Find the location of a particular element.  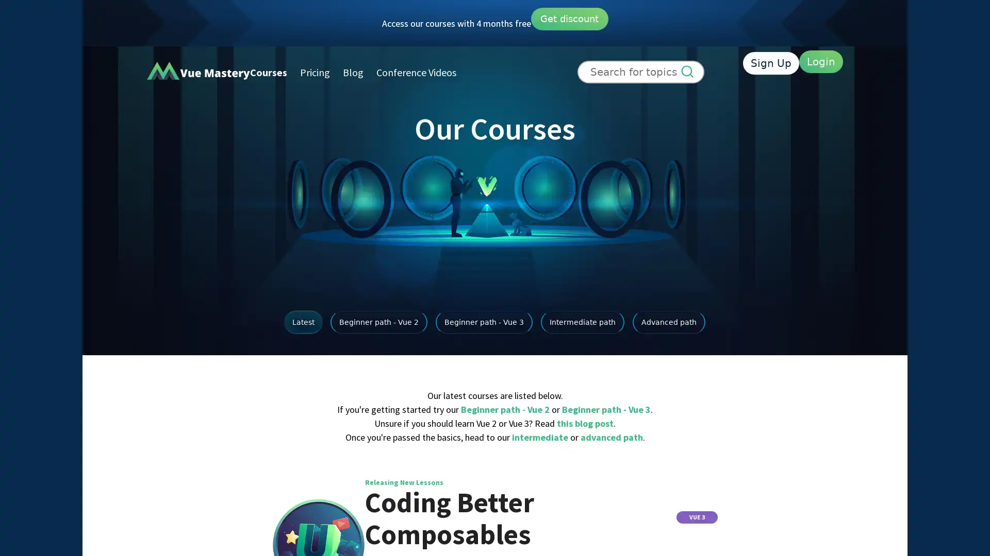

Latest is located at coordinates (236, 321).